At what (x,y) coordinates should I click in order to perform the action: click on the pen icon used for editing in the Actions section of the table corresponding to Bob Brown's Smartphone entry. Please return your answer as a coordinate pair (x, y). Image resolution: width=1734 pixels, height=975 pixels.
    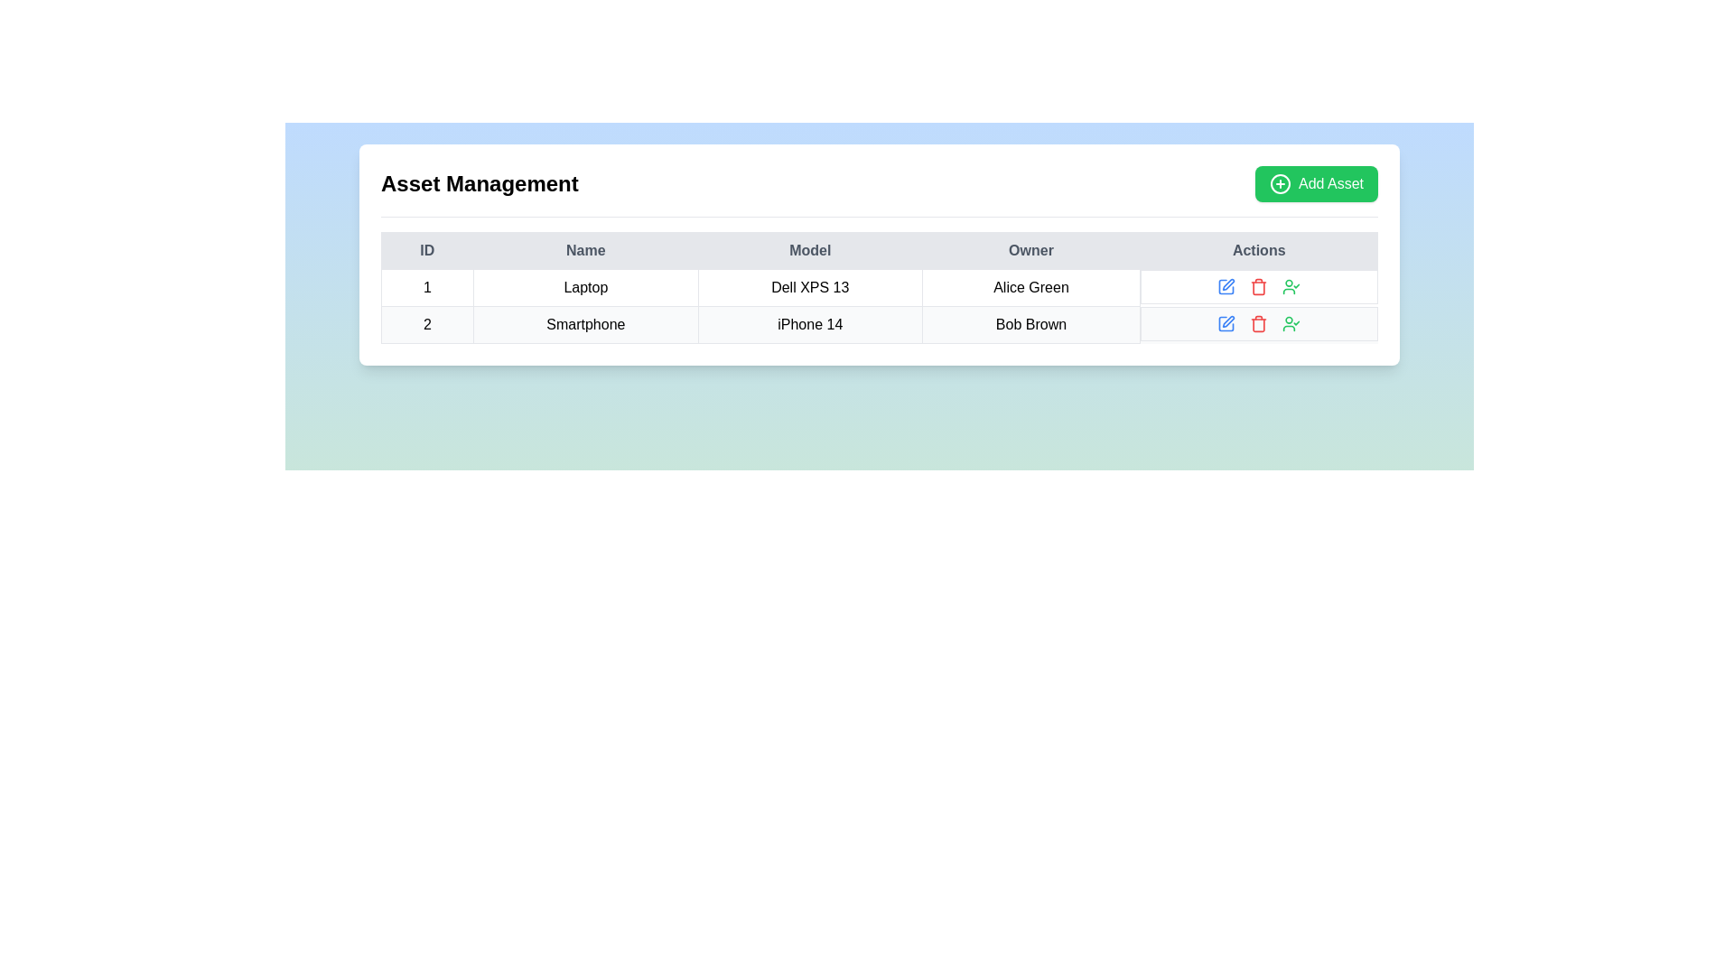
    Looking at the image, I should click on (1228, 320).